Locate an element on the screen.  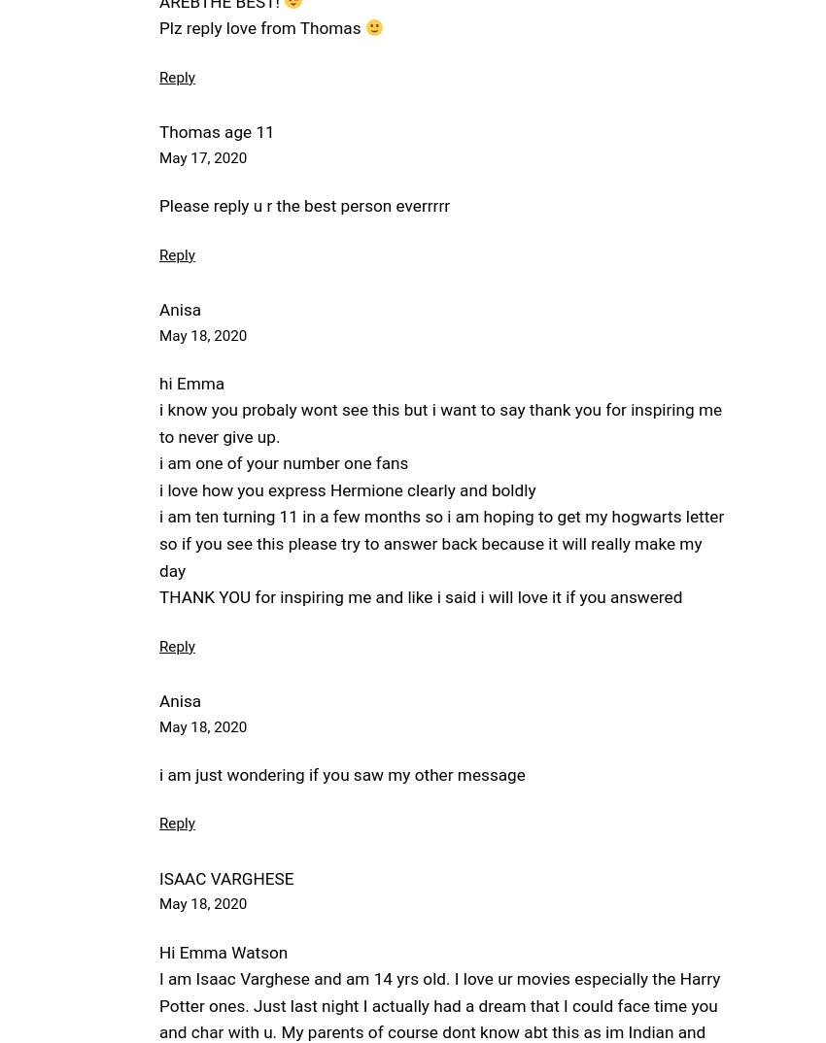
'Please reply u r the best person everrrrr' is located at coordinates (304, 206).